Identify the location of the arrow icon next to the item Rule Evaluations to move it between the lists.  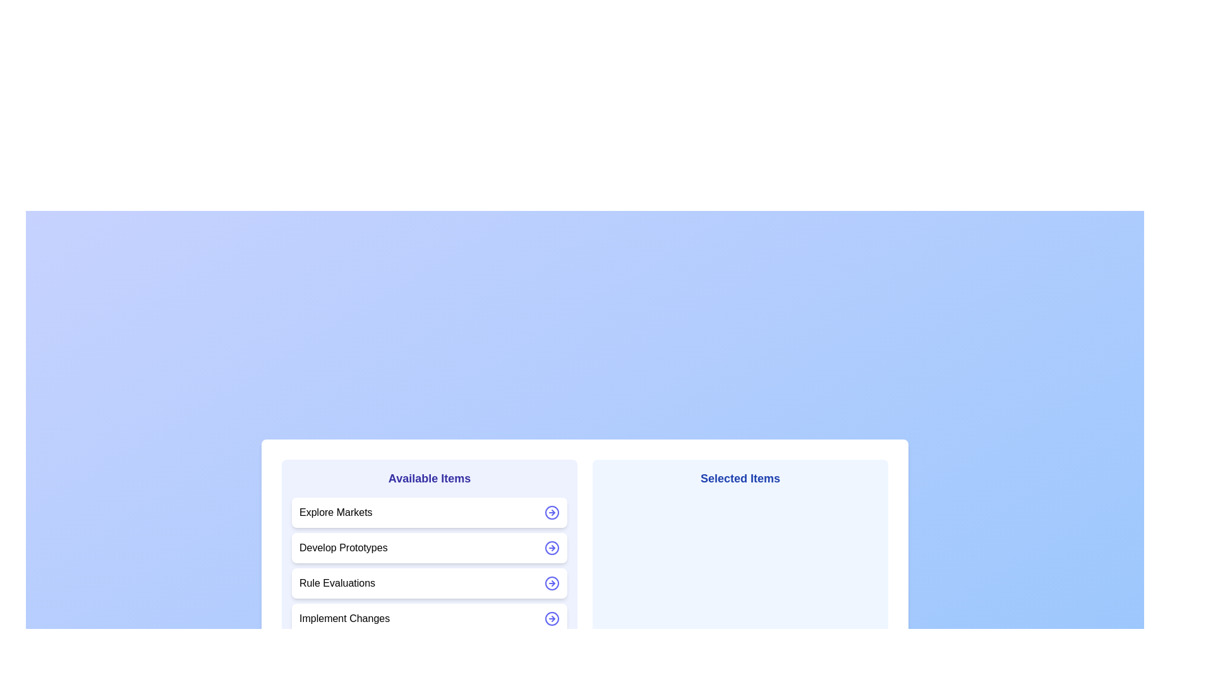
(552, 583).